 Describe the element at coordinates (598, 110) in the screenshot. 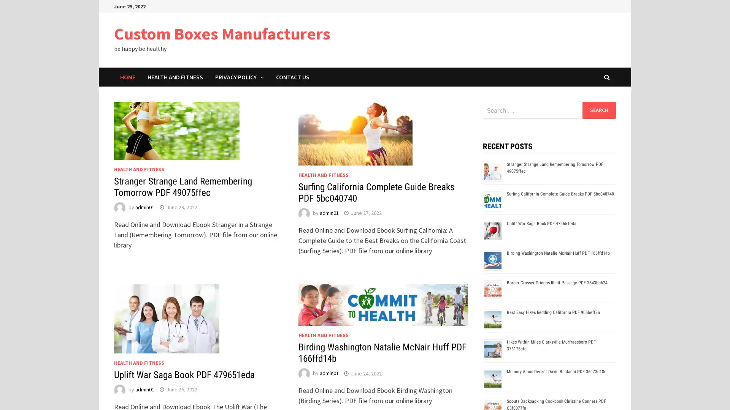

I see `Search` at that location.